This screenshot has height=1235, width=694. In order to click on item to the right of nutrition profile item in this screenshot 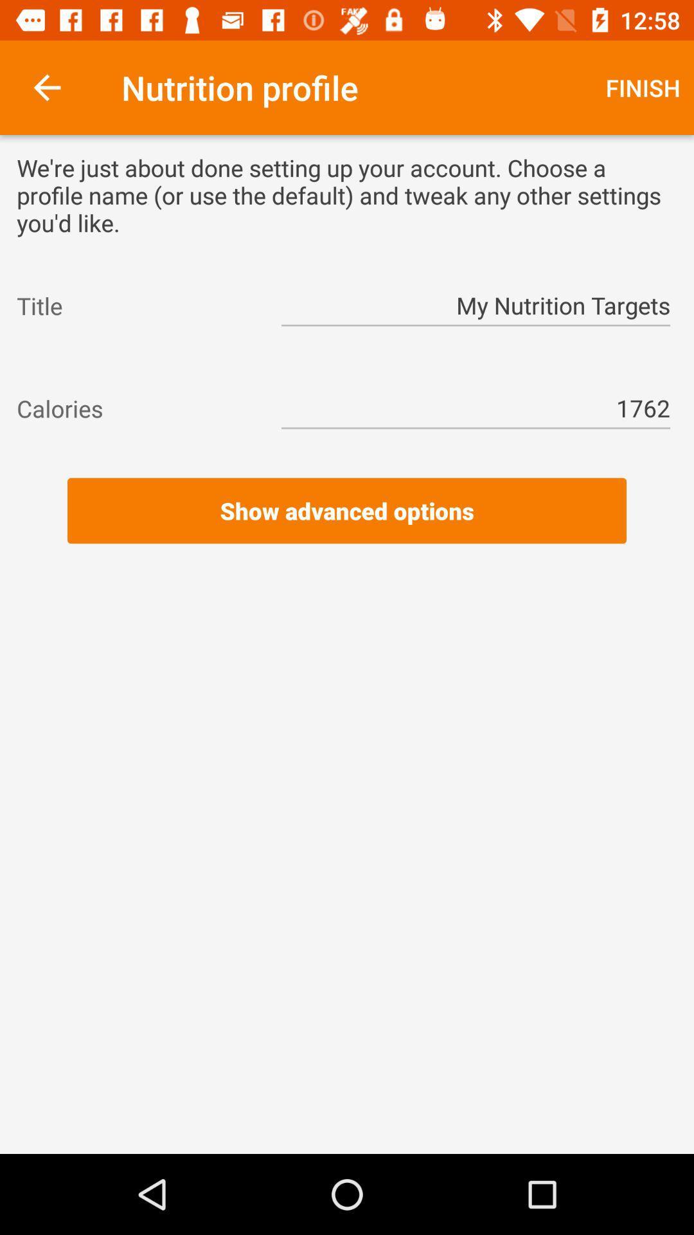, I will do `click(643, 87)`.